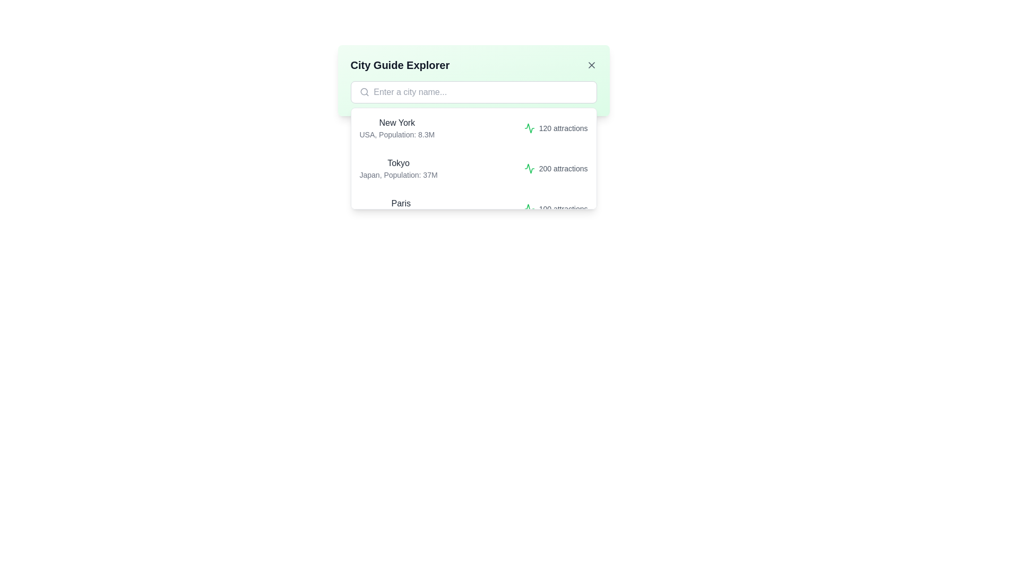 This screenshot has height=573, width=1019. I want to click on the activity icon representing statistics for Tokyo, located in the second row of the list, to the right of the city's population details, so click(529, 128).